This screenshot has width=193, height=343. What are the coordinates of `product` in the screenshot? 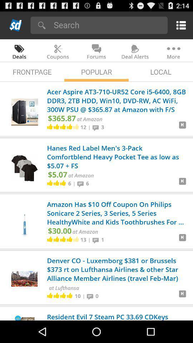 It's located at (182, 297).